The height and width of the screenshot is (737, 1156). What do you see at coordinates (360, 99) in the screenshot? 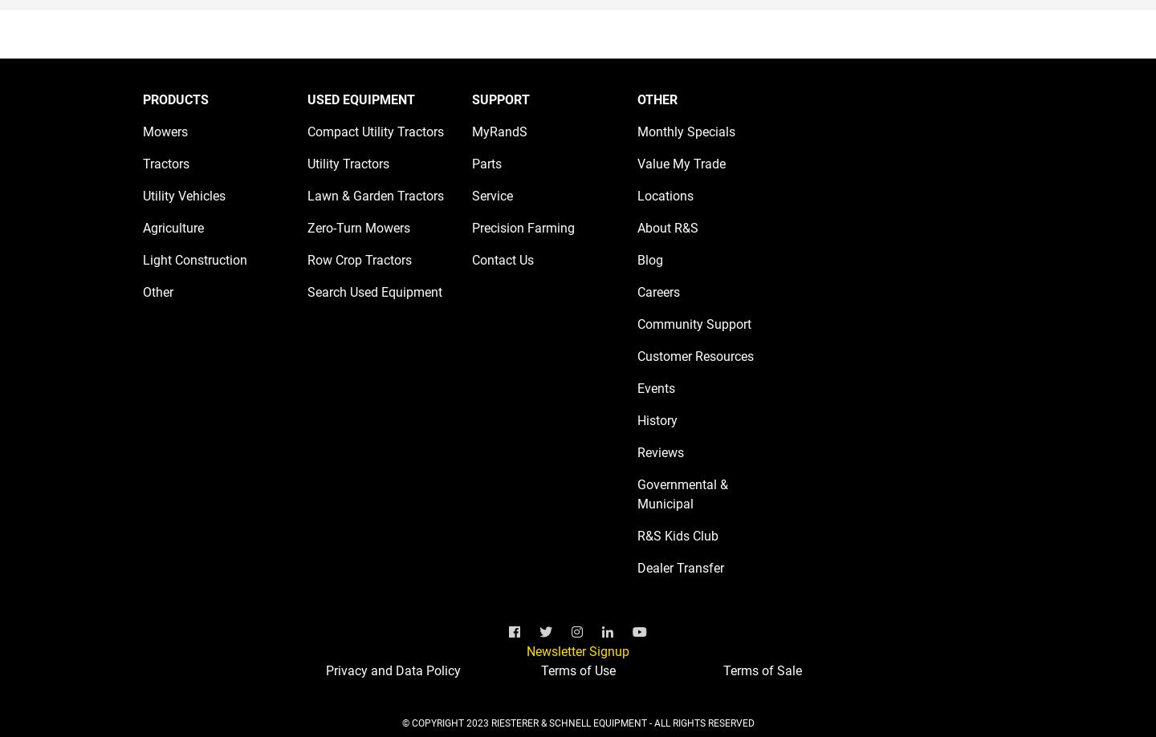
I see `'USED EQUIPMENT'` at bounding box center [360, 99].